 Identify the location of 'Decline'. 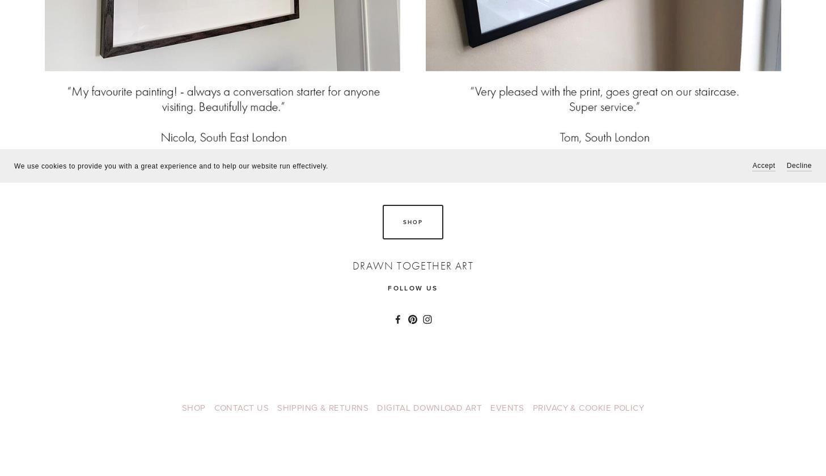
(799, 165).